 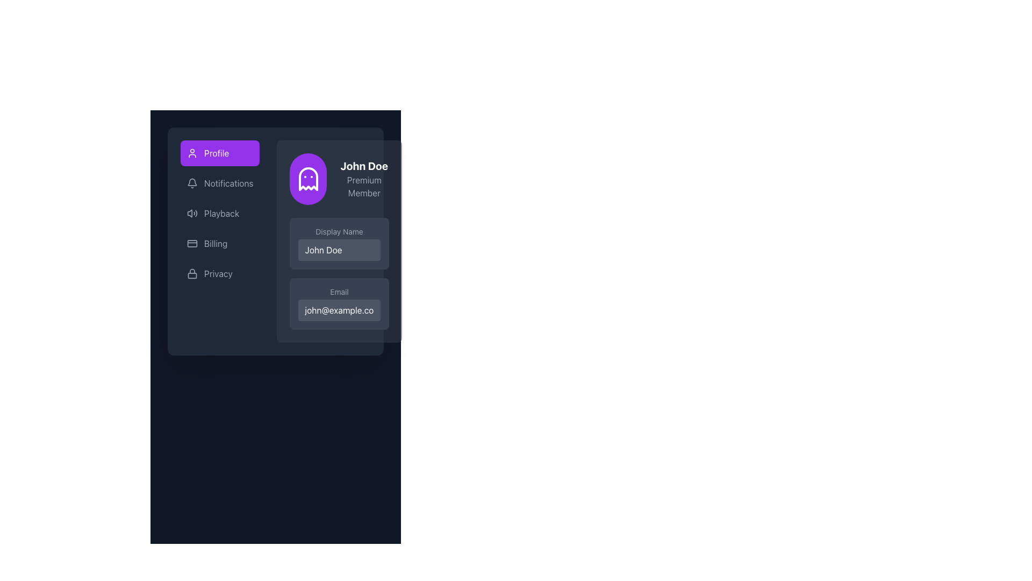 I want to click on the 'Billing' icon located in the left sidebar menu, positioned to the left of the 'Billing' text label for navigation hint, so click(x=192, y=243).